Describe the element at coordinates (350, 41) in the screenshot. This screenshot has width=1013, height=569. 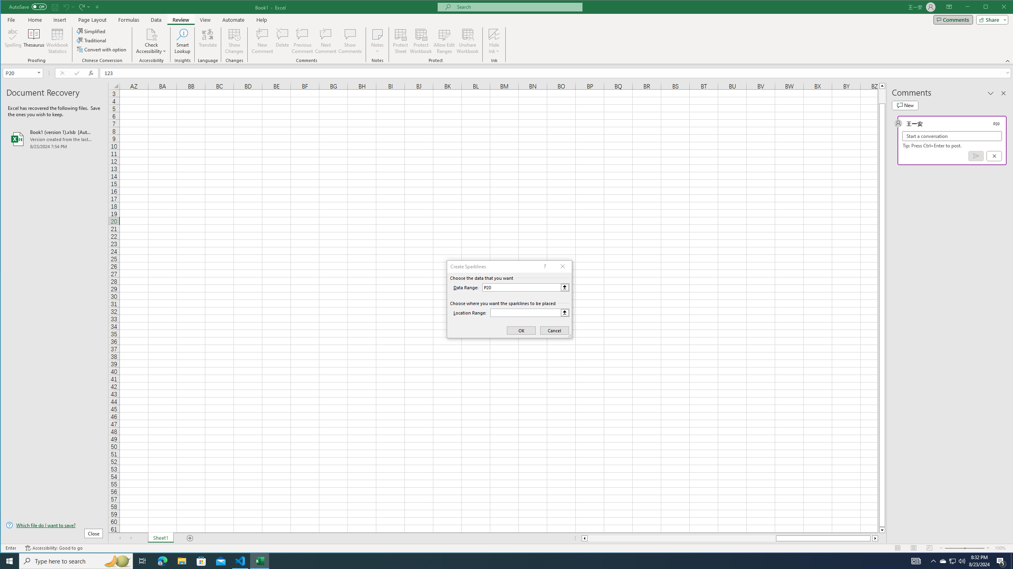
I see `'Show Comments'` at that location.